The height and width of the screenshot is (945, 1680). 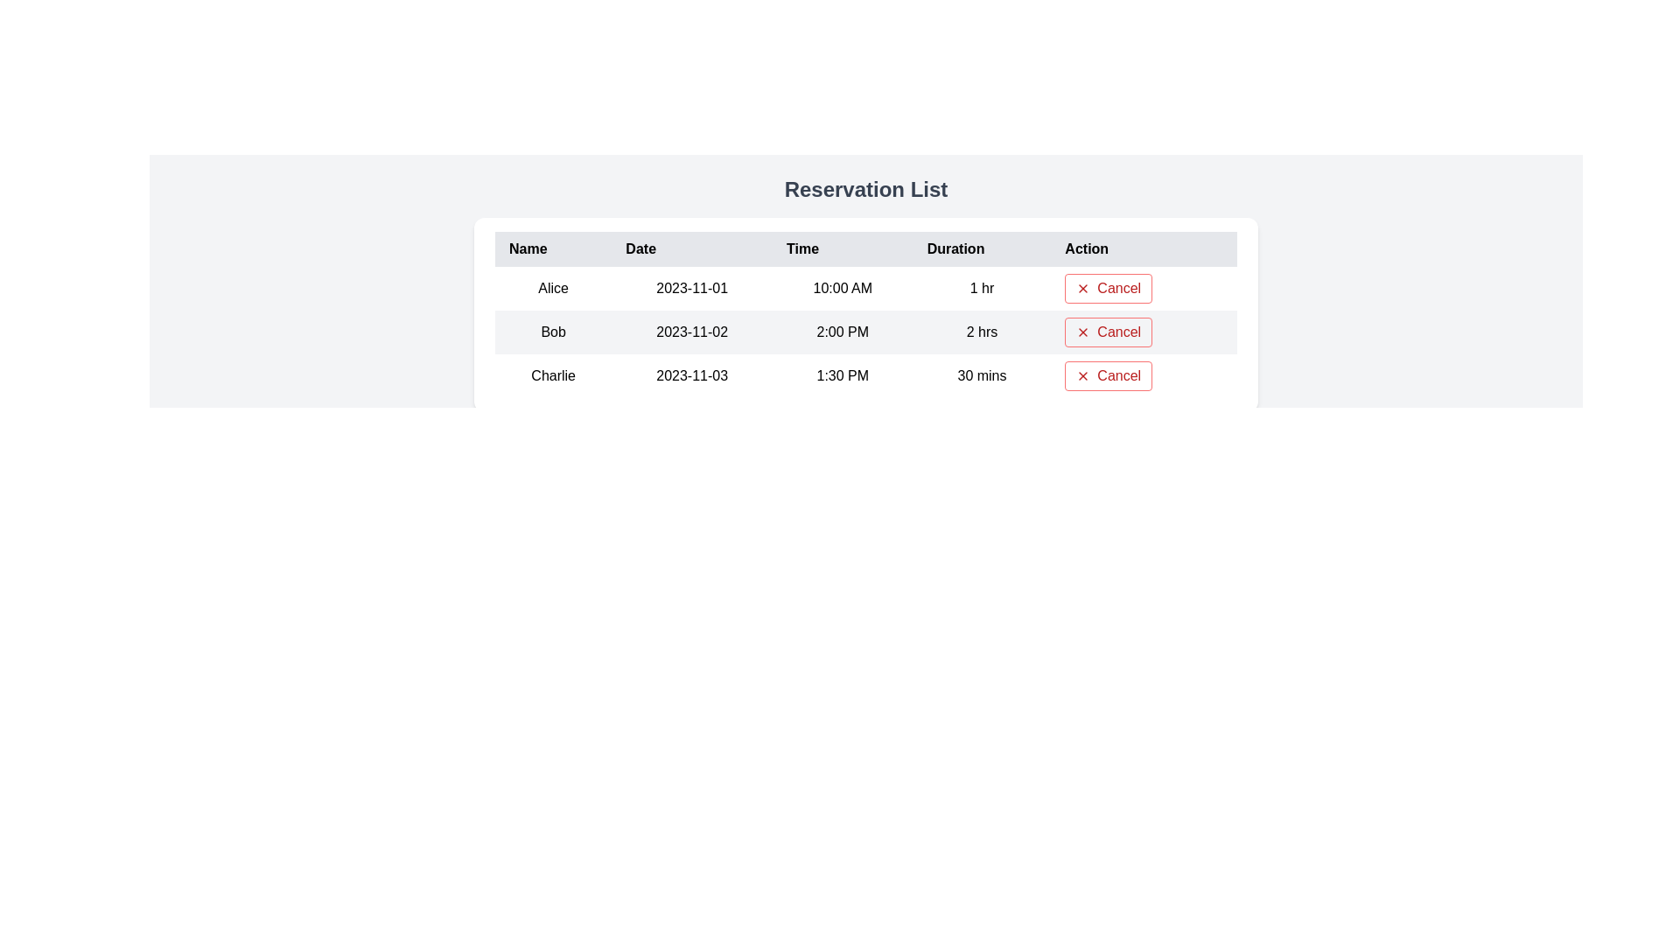 I want to click on the 'Cancel' button with a red border and rounded corners, associated with the 'Bob' entry in the second row of the table, to activate hover effects, so click(x=1108, y=332).